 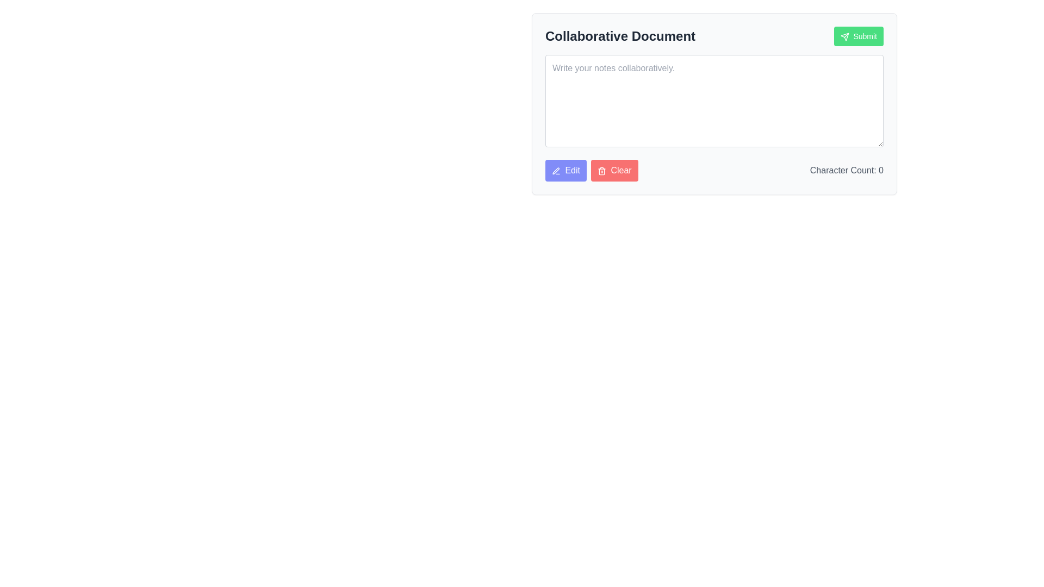 I want to click on the deletion icon located within the 'Clear' button at the bottom-right corner, so click(x=601, y=171).